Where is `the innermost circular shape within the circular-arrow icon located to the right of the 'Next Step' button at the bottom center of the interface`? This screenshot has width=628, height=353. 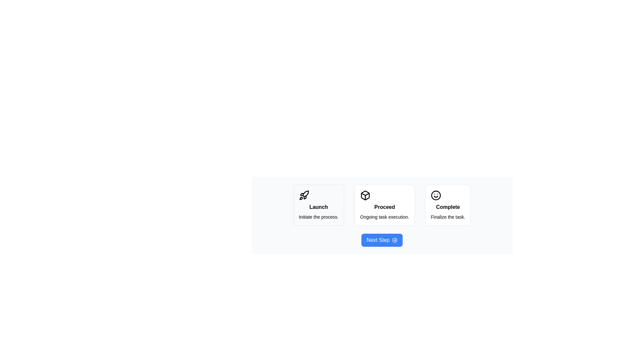
the innermost circular shape within the circular-arrow icon located to the right of the 'Next Step' button at the bottom center of the interface is located at coordinates (394, 240).